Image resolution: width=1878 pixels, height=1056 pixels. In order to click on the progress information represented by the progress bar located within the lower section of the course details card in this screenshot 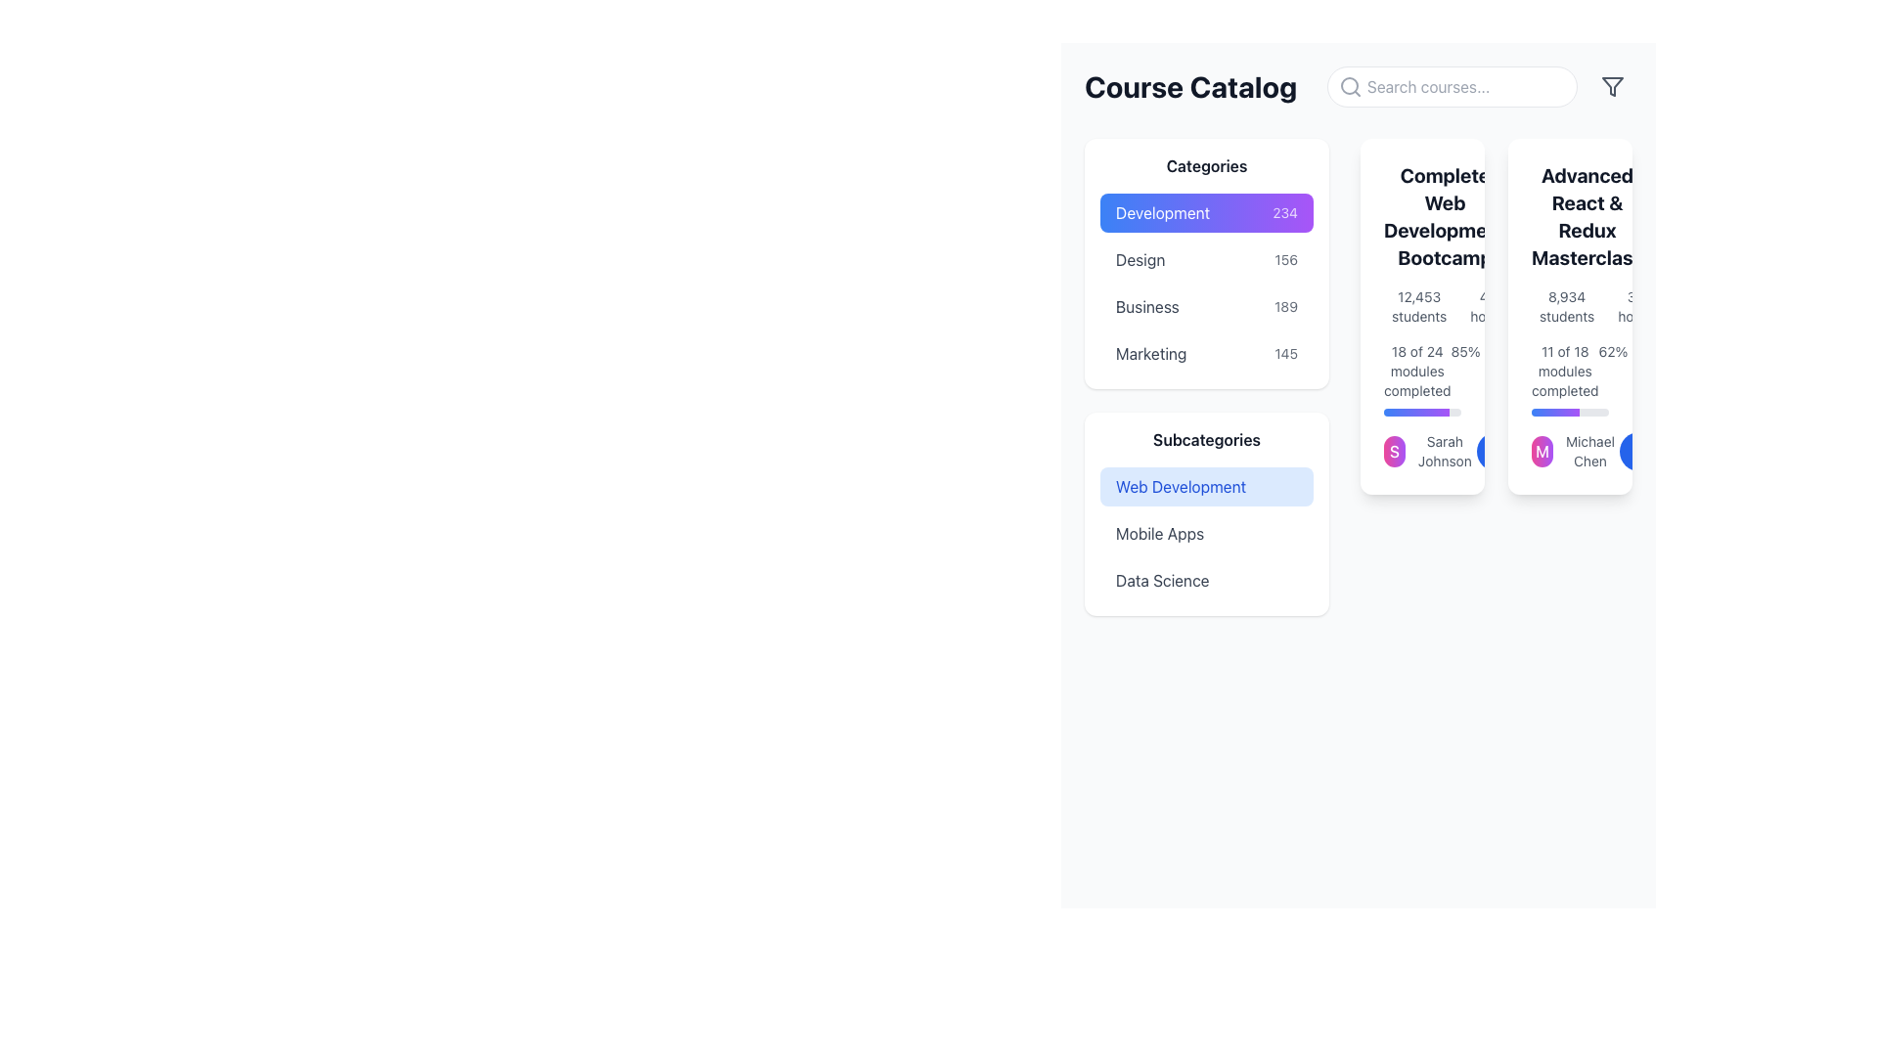, I will do `click(1416, 411)`.